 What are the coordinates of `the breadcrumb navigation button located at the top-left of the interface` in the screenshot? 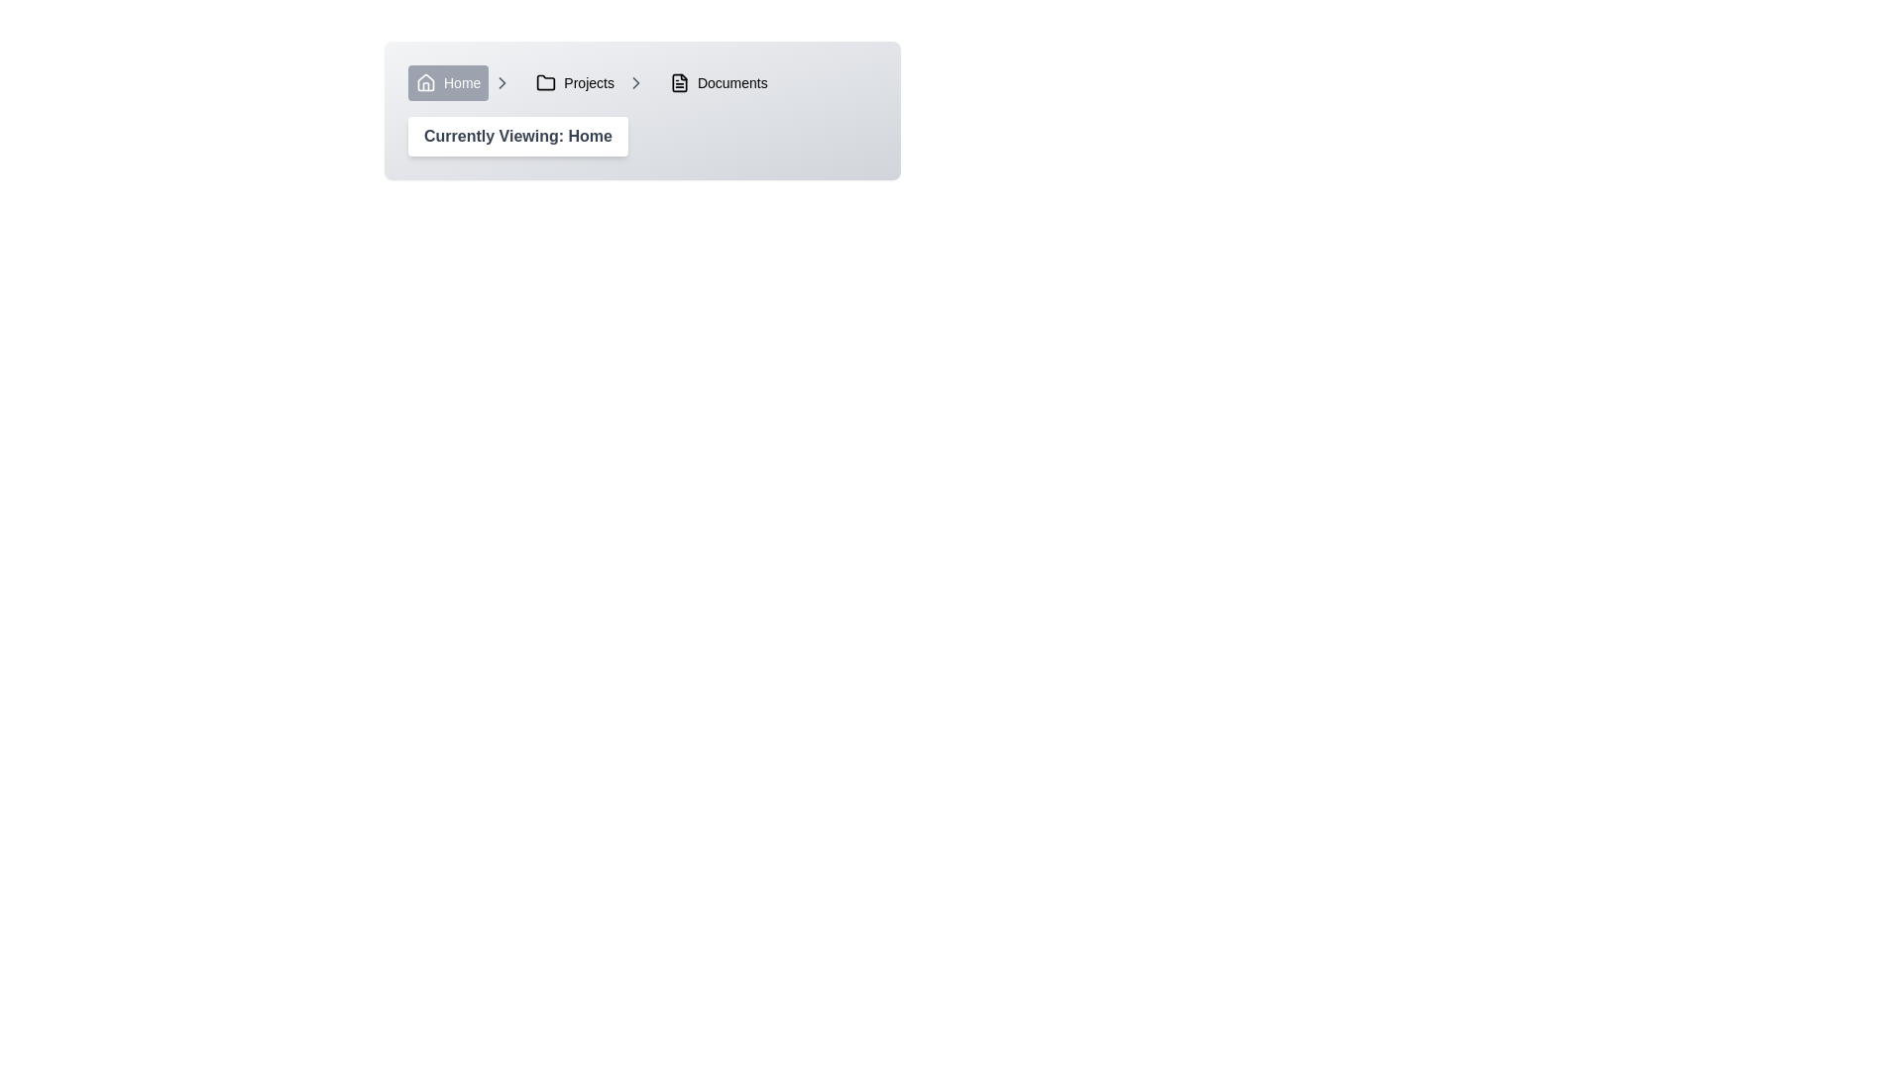 It's located at (447, 82).